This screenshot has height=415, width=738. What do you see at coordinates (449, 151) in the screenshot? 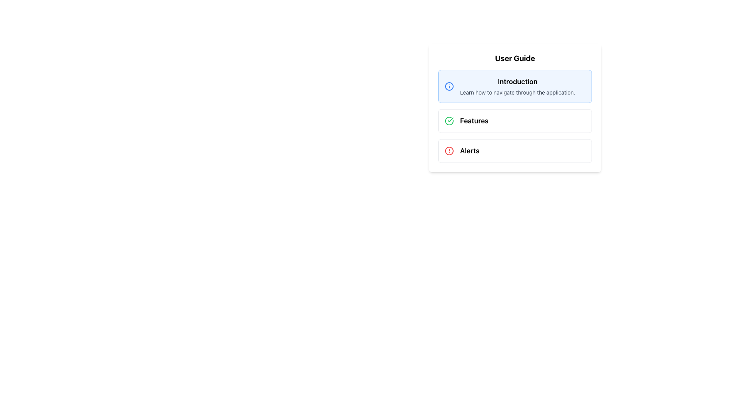
I see `red circular alert icon located to the left of the 'Alerts' label in the options list for its graphical properties` at bounding box center [449, 151].